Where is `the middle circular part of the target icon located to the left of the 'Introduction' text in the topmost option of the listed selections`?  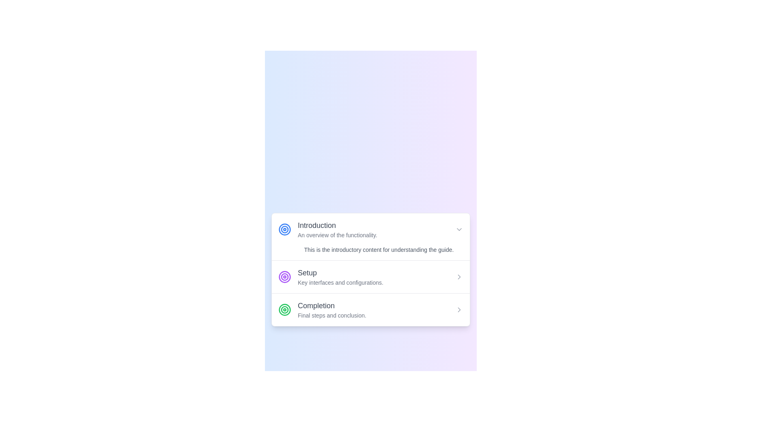 the middle circular part of the target icon located to the left of the 'Introduction' text in the topmost option of the listed selections is located at coordinates (284, 276).